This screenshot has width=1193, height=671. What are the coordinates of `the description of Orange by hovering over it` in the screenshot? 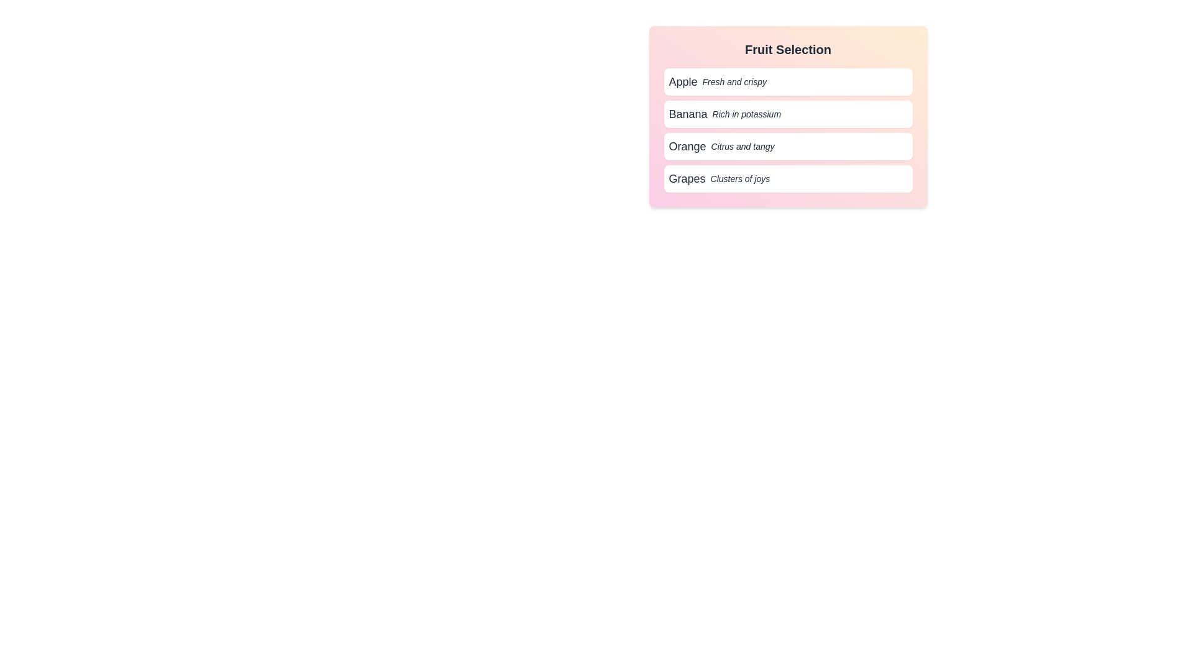 It's located at (787, 145).